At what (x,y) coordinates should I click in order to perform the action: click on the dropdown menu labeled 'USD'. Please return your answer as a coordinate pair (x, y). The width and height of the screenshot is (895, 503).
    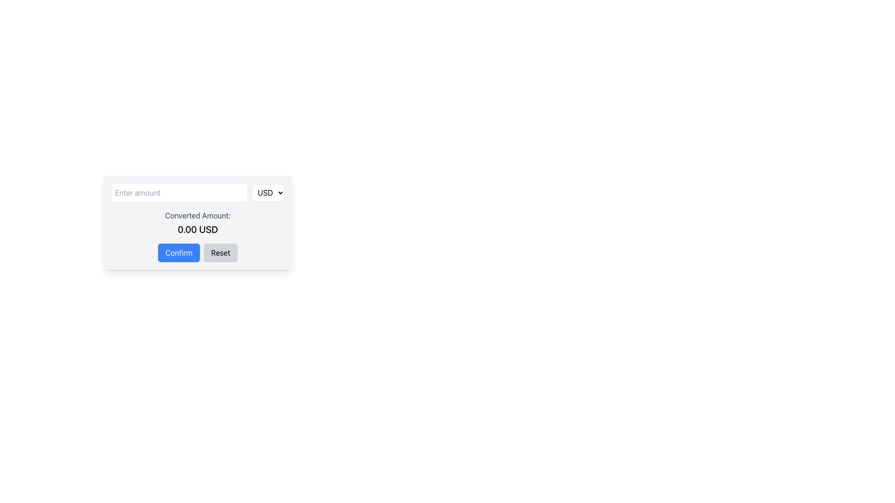
    Looking at the image, I should click on (268, 192).